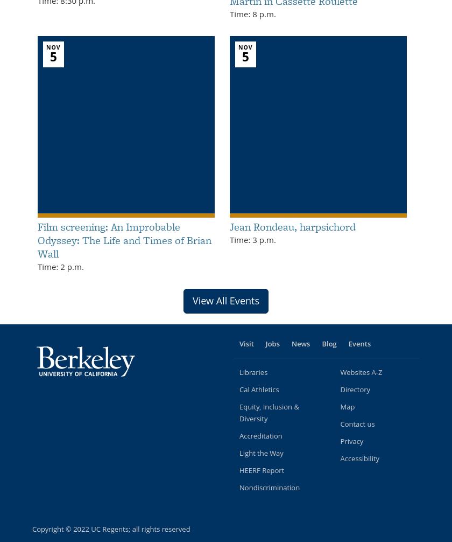 The height and width of the screenshot is (542, 452). Describe the element at coordinates (239, 452) in the screenshot. I see `'Light the Way'` at that location.